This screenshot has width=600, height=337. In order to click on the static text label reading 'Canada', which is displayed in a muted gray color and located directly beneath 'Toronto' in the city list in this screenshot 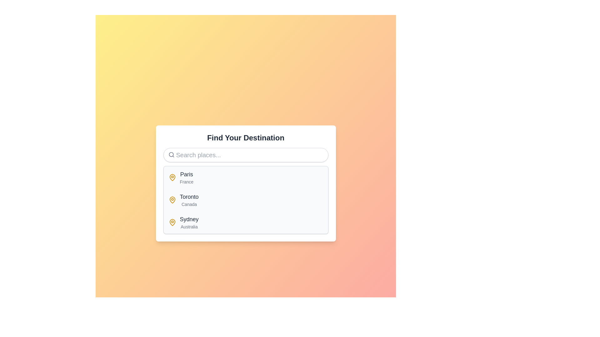, I will do `click(189, 204)`.